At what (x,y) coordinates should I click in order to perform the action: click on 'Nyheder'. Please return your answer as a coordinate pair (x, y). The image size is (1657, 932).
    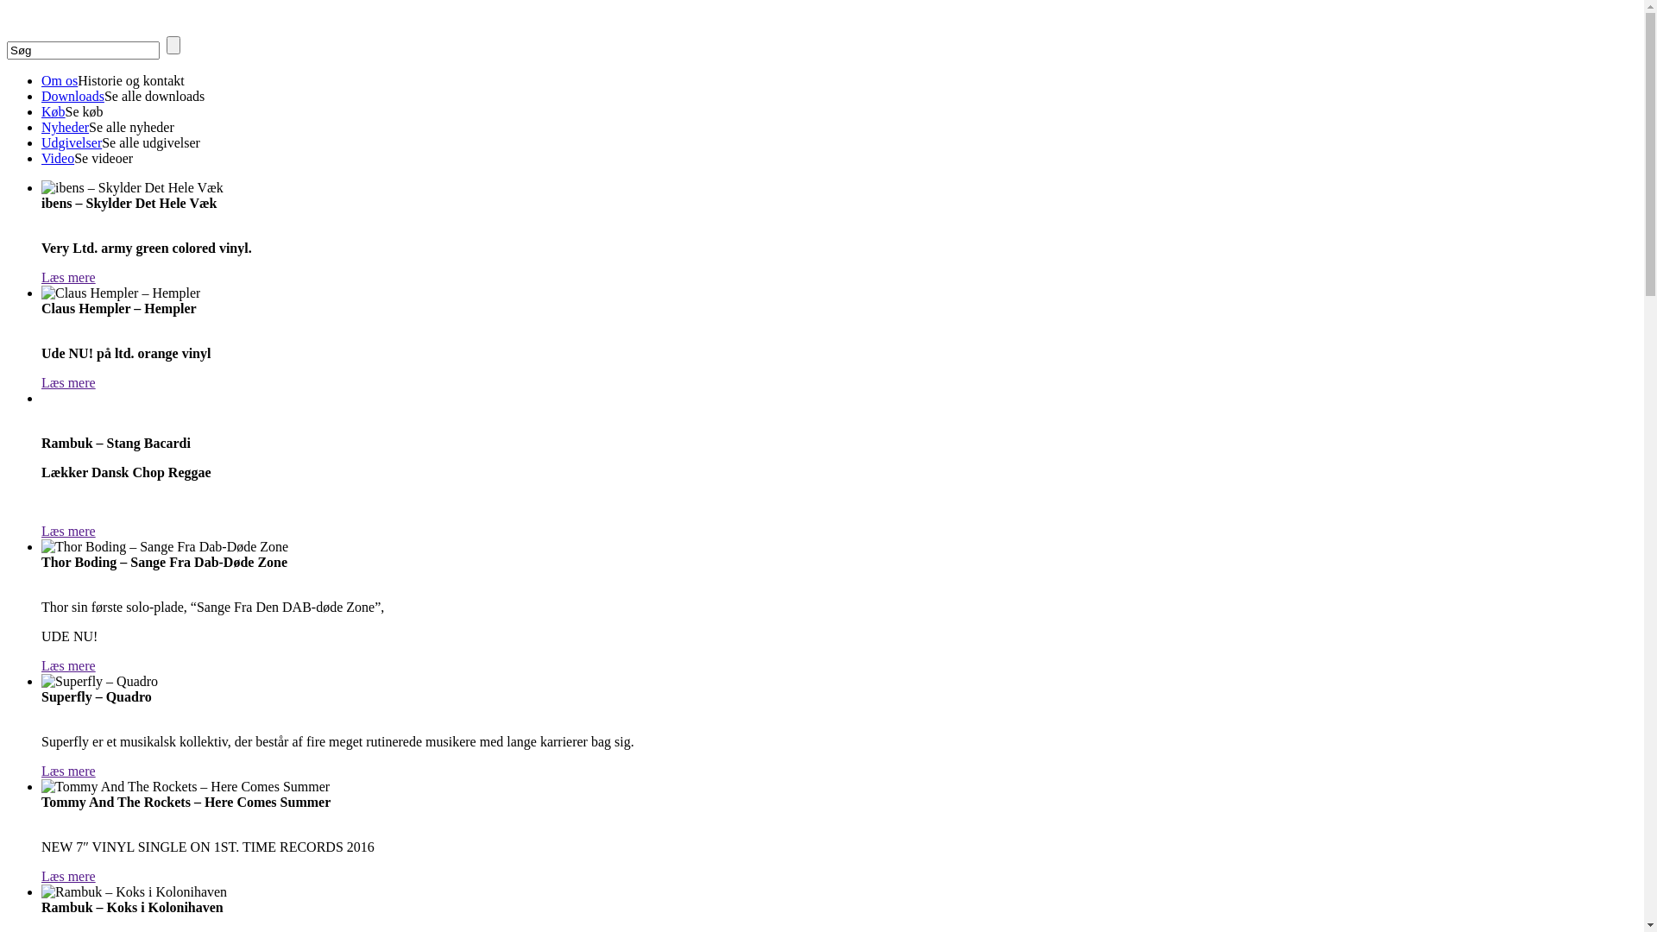
    Looking at the image, I should click on (41, 126).